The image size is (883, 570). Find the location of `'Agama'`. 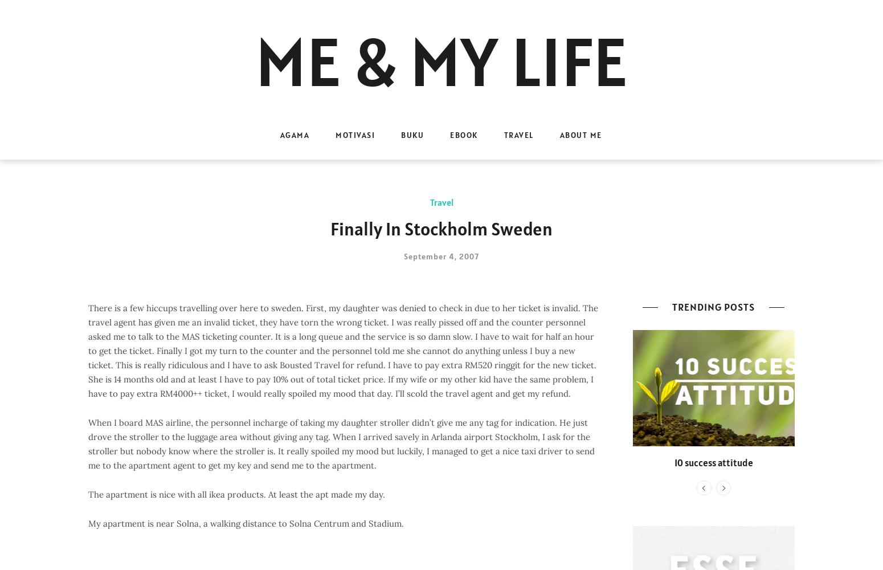

'Agama' is located at coordinates (279, 135).